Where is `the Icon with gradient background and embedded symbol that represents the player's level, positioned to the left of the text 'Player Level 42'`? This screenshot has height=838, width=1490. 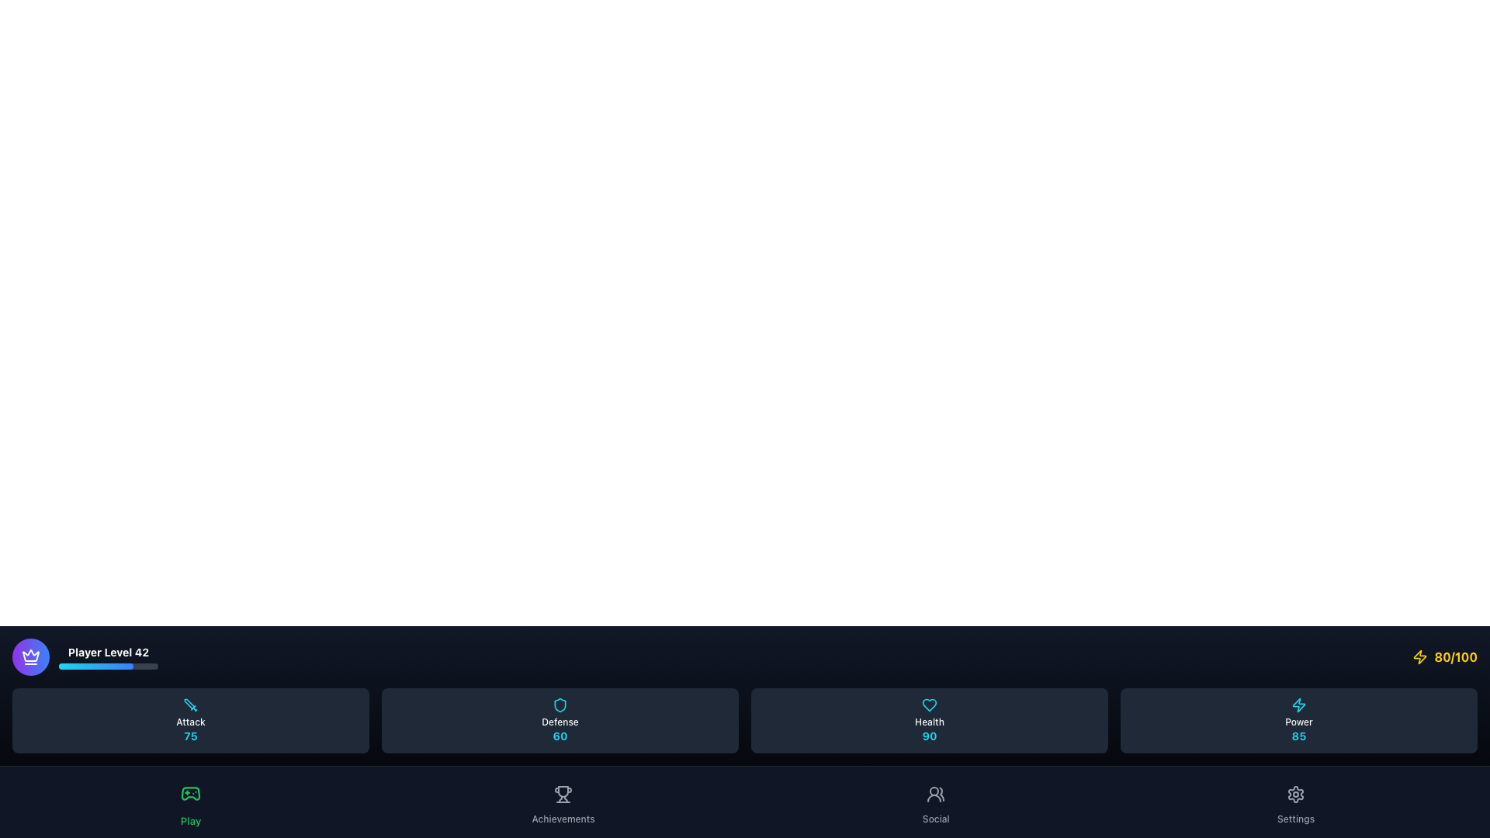 the Icon with gradient background and embedded symbol that represents the player's level, positioned to the left of the text 'Player Level 42' is located at coordinates (30, 657).